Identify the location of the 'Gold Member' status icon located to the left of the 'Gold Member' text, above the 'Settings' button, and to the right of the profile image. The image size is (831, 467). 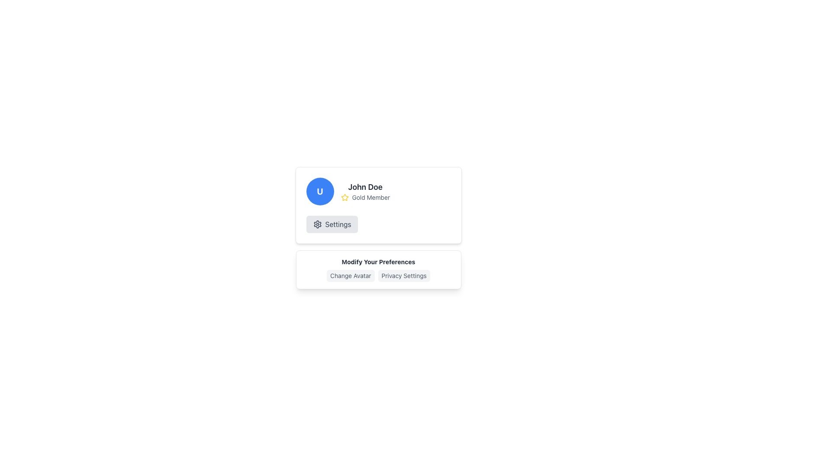
(344, 197).